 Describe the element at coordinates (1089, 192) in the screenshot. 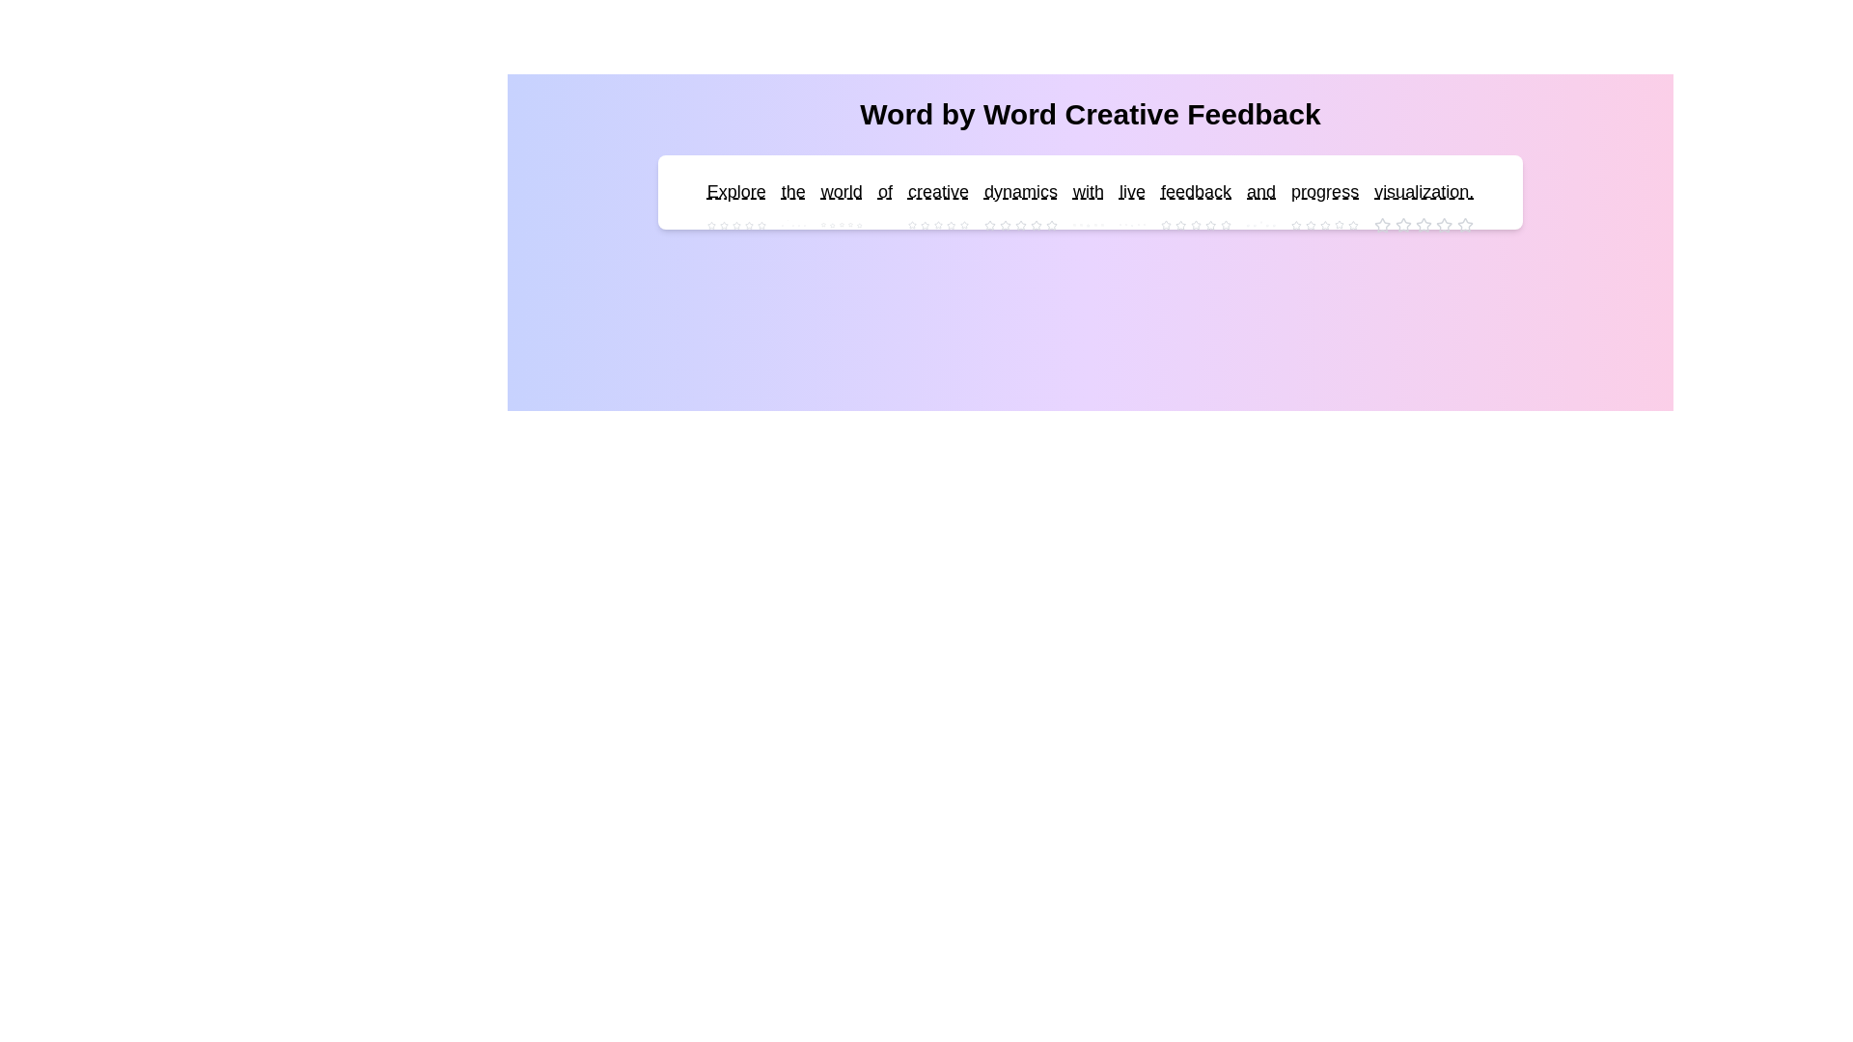

I see `the word 'with' to see its interactive area` at that location.